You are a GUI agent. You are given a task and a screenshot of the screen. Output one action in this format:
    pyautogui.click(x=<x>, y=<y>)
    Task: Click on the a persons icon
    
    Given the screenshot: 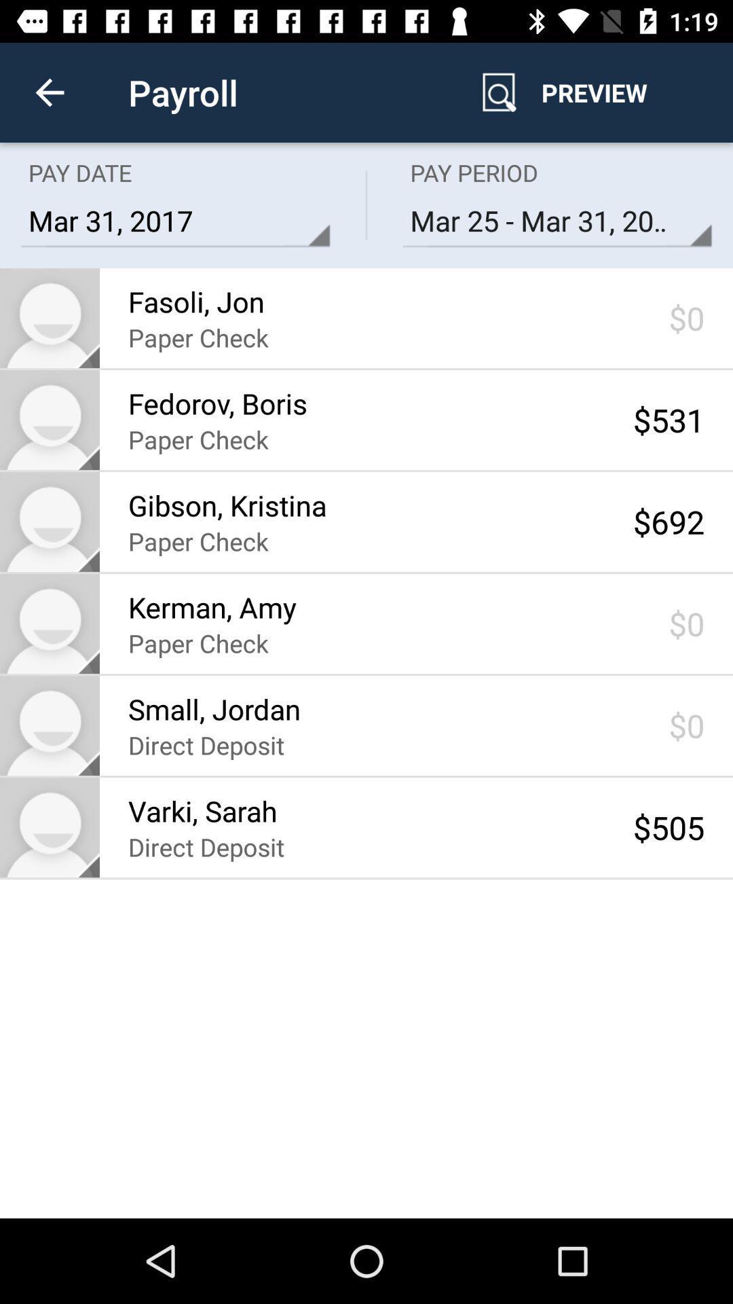 What is the action you would take?
    pyautogui.click(x=49, y=521)
    